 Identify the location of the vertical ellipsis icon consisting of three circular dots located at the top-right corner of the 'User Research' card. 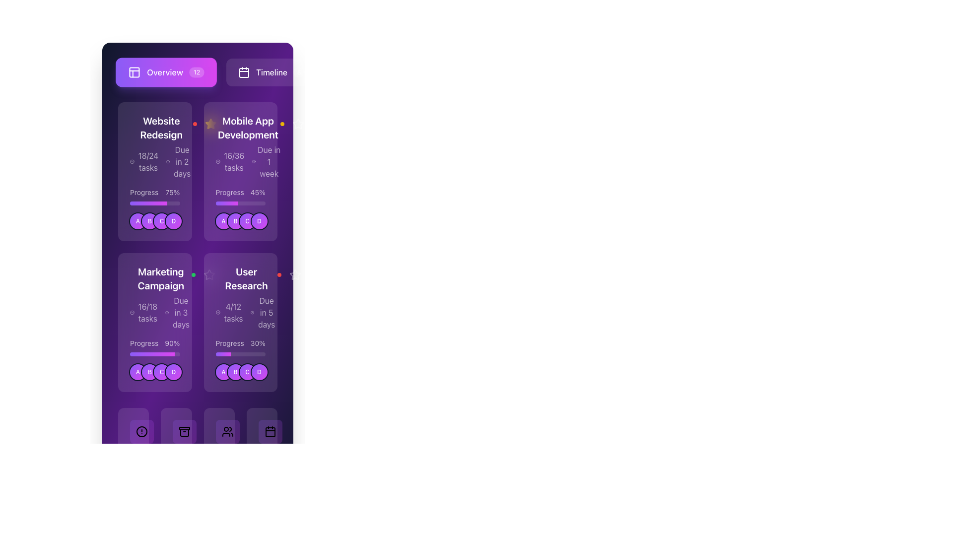
(232, 275).